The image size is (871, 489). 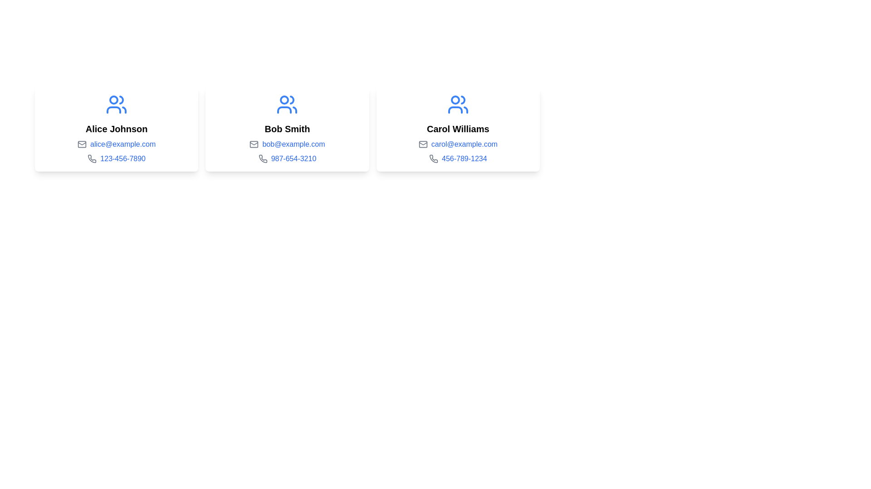 I want to click on the non-interactive decorative circular component located inside the user group icon above the text 'Carol Williams', so click(x=455, y=100).